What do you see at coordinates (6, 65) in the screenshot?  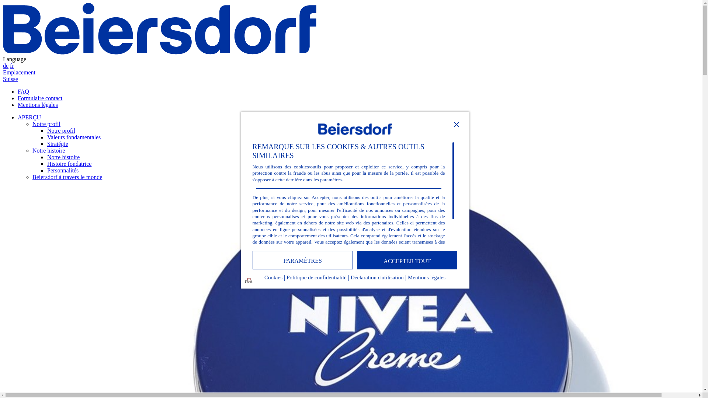 I see `'de'` at bounding box center [6, 65].